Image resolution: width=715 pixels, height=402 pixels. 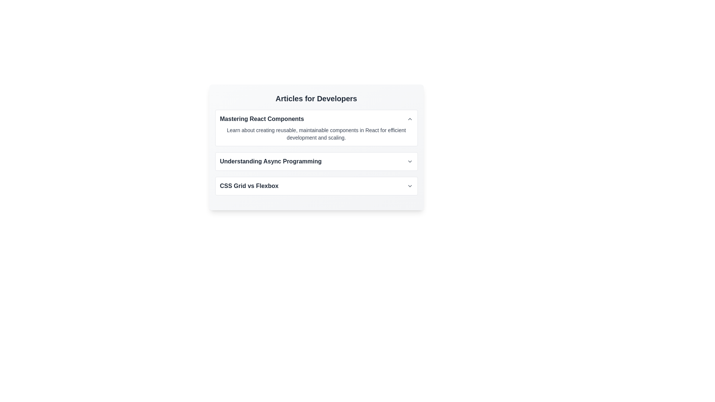 I want to click on the descriptive paragraph element located below the header 'Mastering React Components' in the articles section for developers, so click(x=316, y=133).